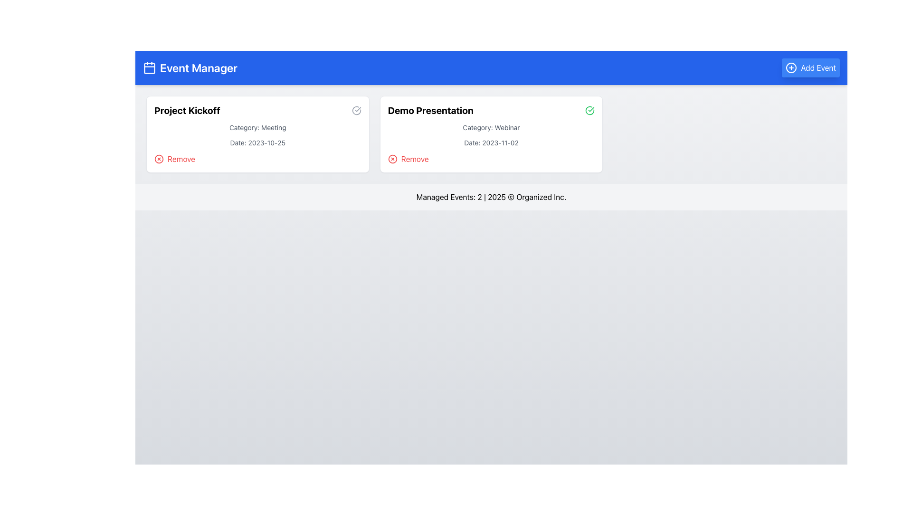 Image resolution: width=912 pixels, height=513 pixels. What do you see at coordinates (257, 142) in the screenshot?
I see `the text label displaying 'Date: 2023-10-25' which is located within the white box of the 'Project Kickoff' card` at bounding box center [257, 142].